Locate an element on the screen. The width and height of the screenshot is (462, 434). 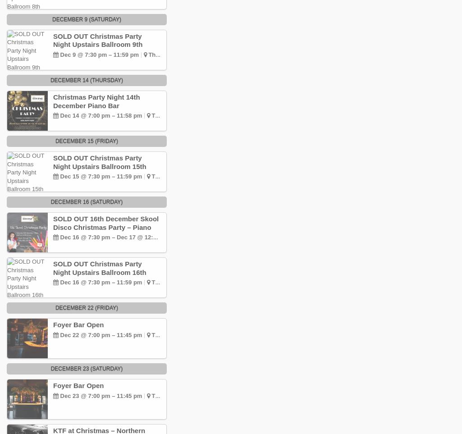
'December 16 (Saturday)' is located at coordinates (86, 201).